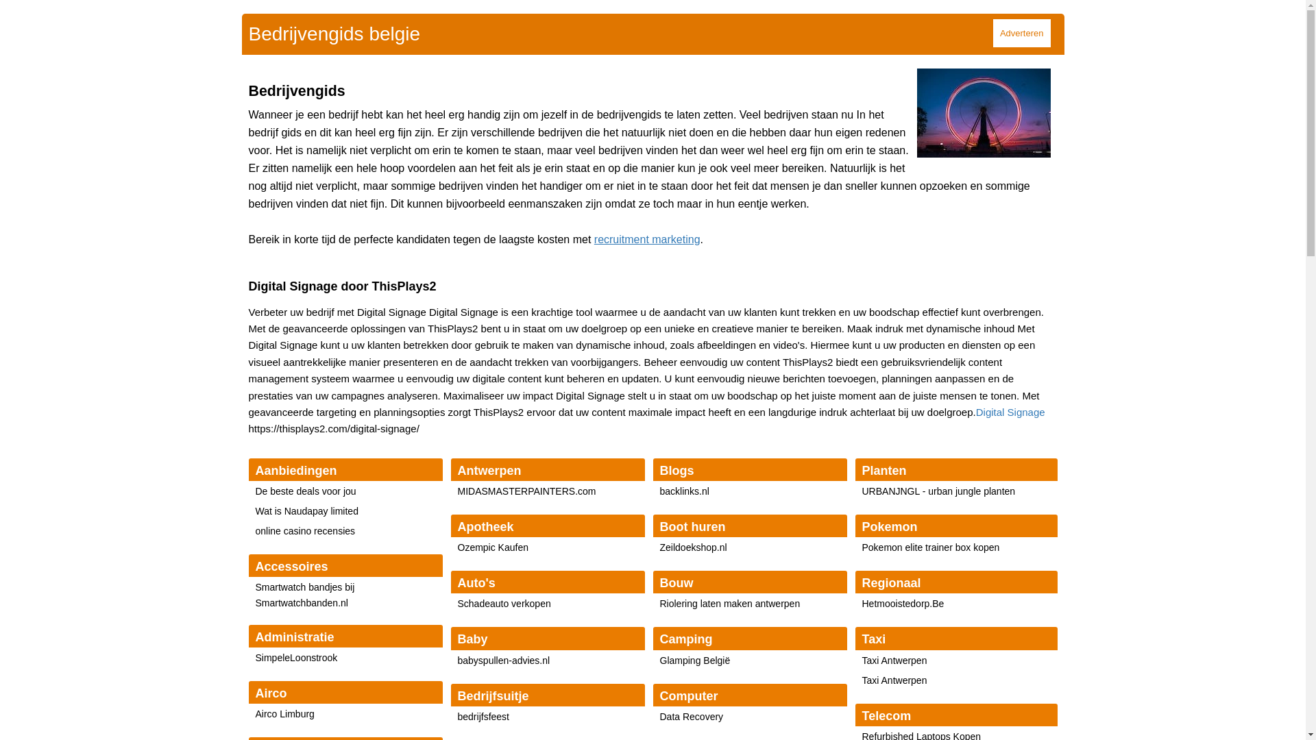 This screenshot has height=740, width=1316. Describe the element at coordinates (483, 715) in the screenshot. I see `'bedrijfsfeest'` at that location.